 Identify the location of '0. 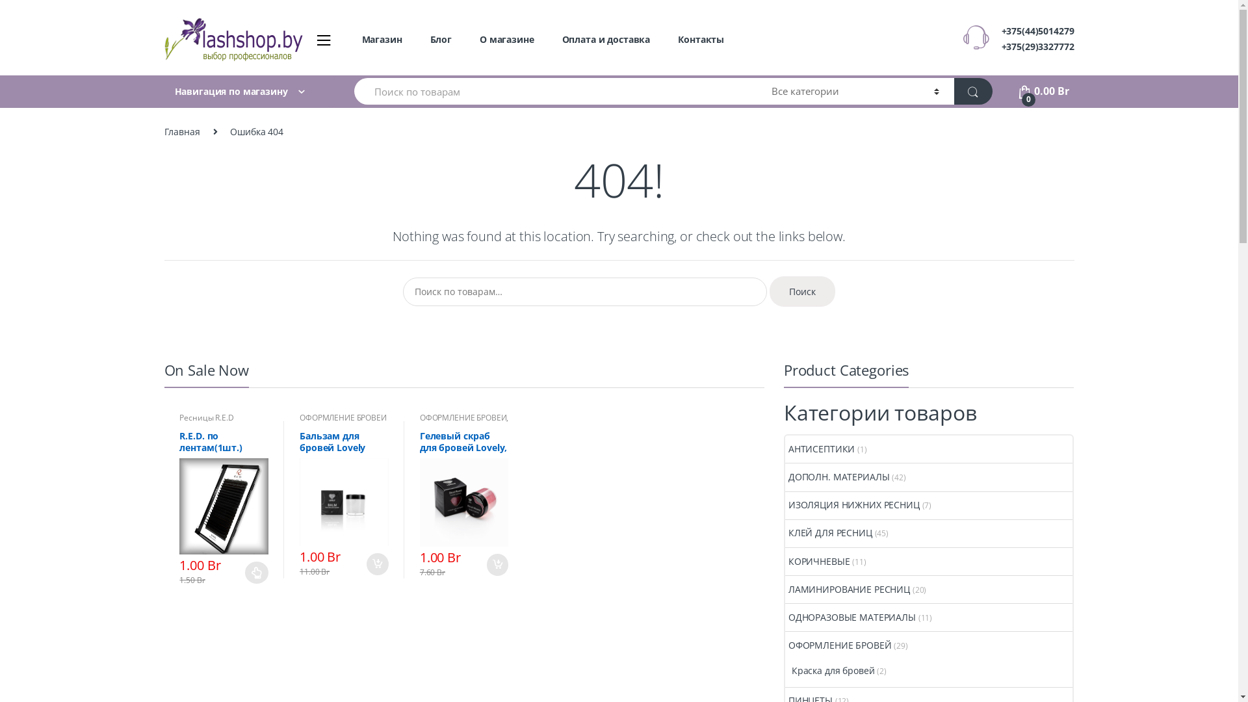
(1043, 90).